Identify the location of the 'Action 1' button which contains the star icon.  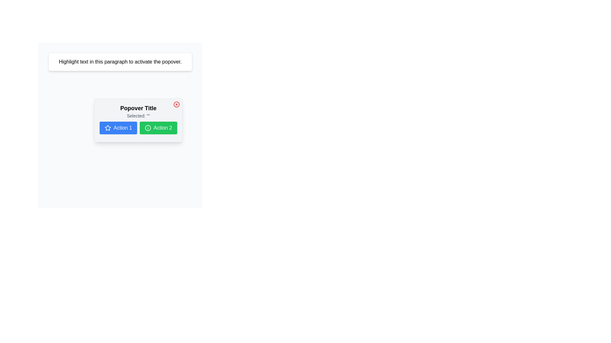
(108, 128).